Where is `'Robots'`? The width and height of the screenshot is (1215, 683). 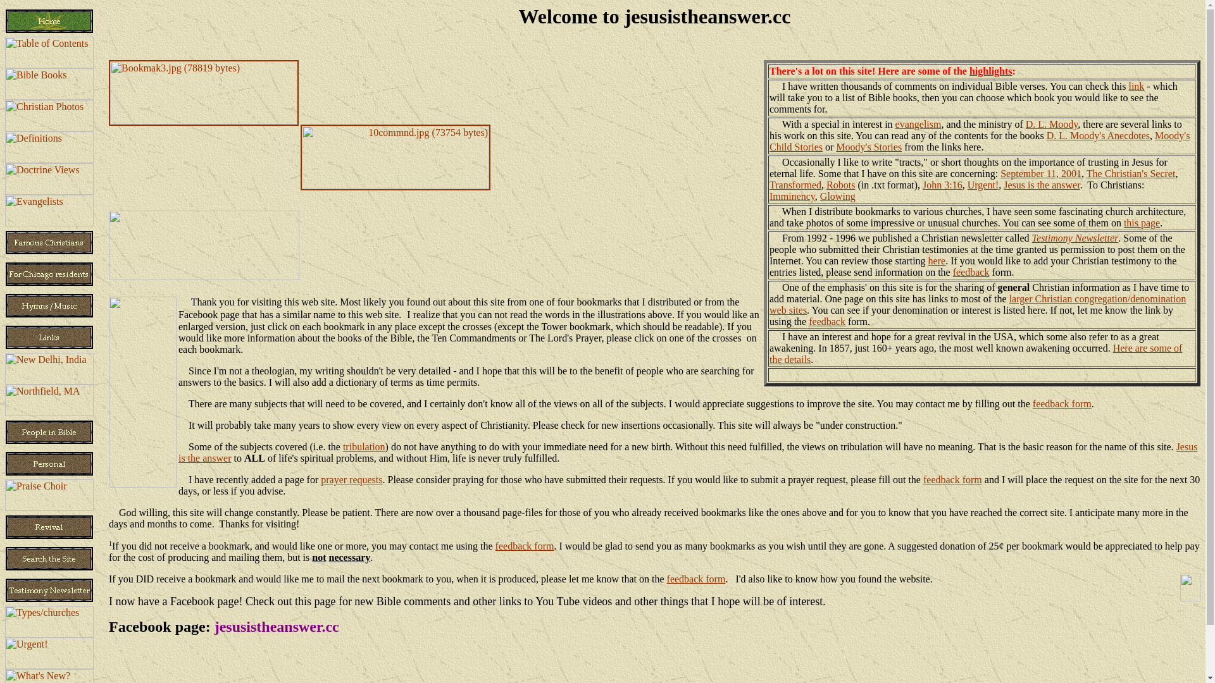 'Robots' is located at coordinates (826, 185).